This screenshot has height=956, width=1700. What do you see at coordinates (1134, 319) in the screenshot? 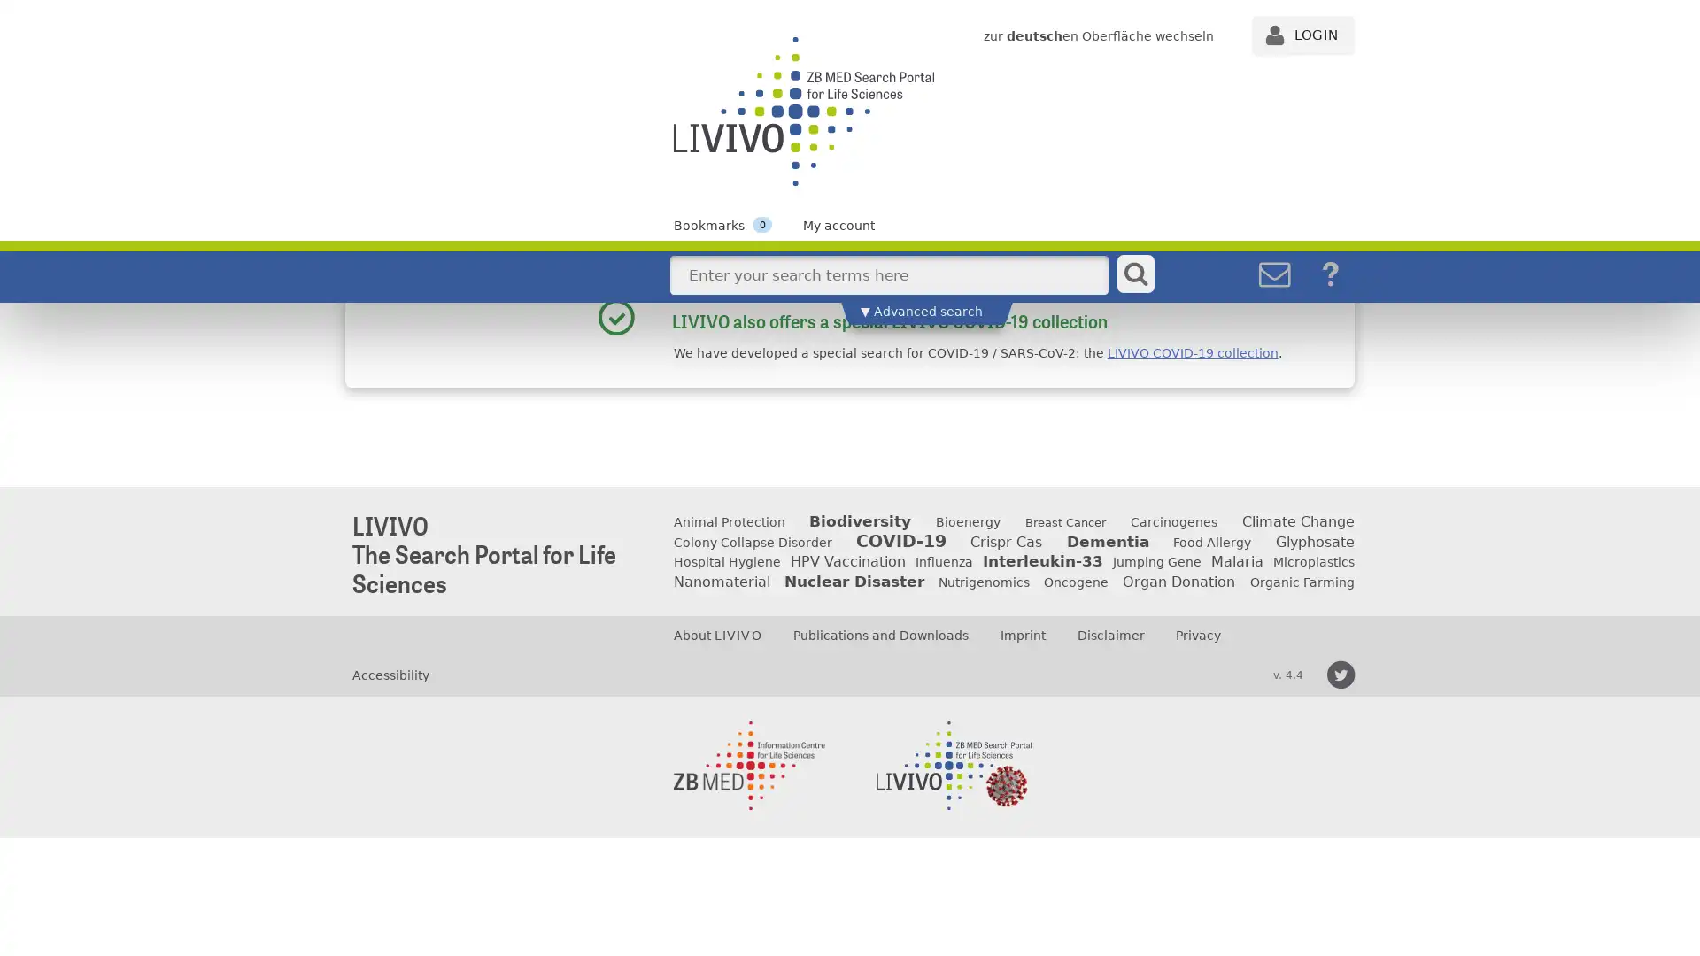
I see `Search` at bounding box center [1134, 319].